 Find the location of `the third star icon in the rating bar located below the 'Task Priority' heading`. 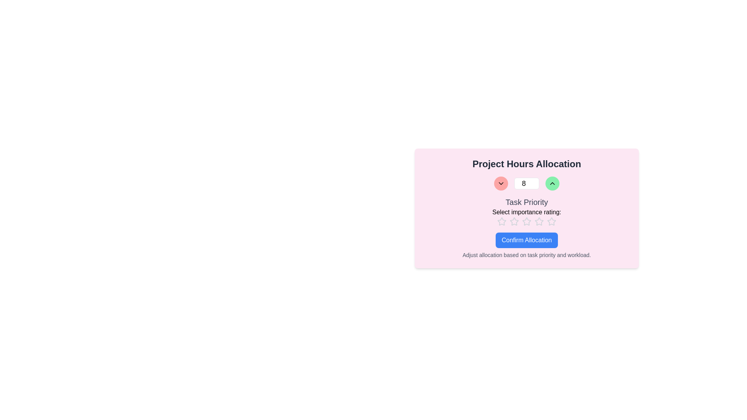

the third star icon in the rating bar located below the 'Task Priority' heading is located at coordinates (538, 221).